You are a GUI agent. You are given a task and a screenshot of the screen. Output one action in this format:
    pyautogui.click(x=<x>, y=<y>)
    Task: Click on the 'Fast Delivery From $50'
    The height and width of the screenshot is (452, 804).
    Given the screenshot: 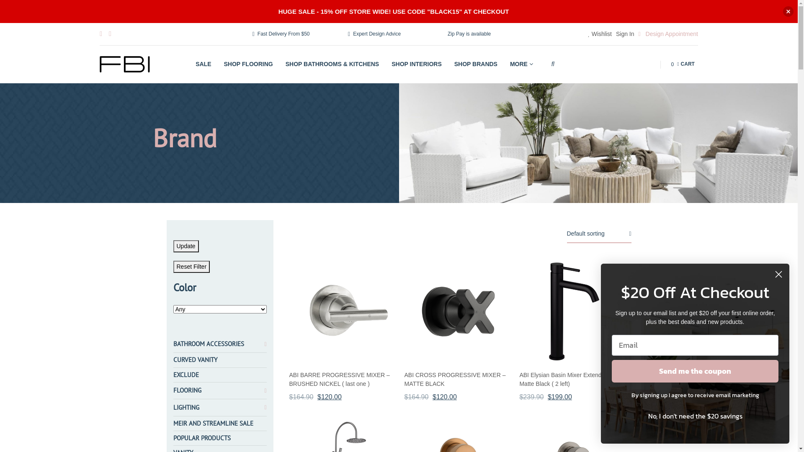 What is the action you would take?
    pyautogui.click(x=281, y=33)
    